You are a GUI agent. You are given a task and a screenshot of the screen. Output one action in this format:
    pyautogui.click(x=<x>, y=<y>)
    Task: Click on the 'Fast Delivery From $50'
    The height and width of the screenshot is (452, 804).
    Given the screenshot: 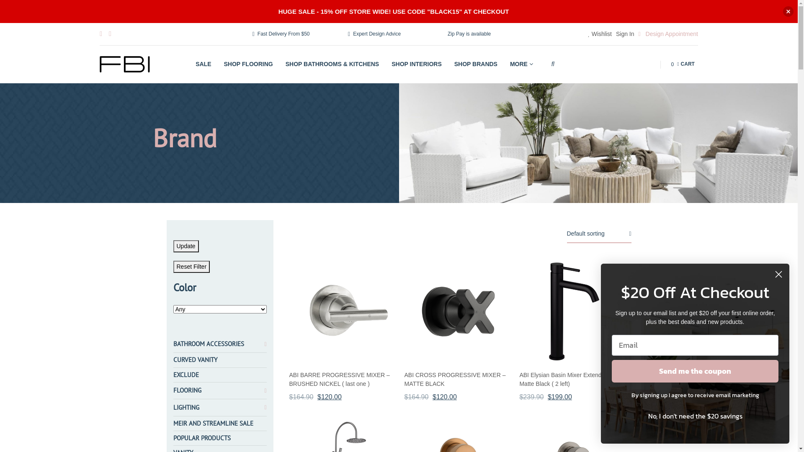 What is the action you would take?
    pyautogui.click(x=281, y=33)
    